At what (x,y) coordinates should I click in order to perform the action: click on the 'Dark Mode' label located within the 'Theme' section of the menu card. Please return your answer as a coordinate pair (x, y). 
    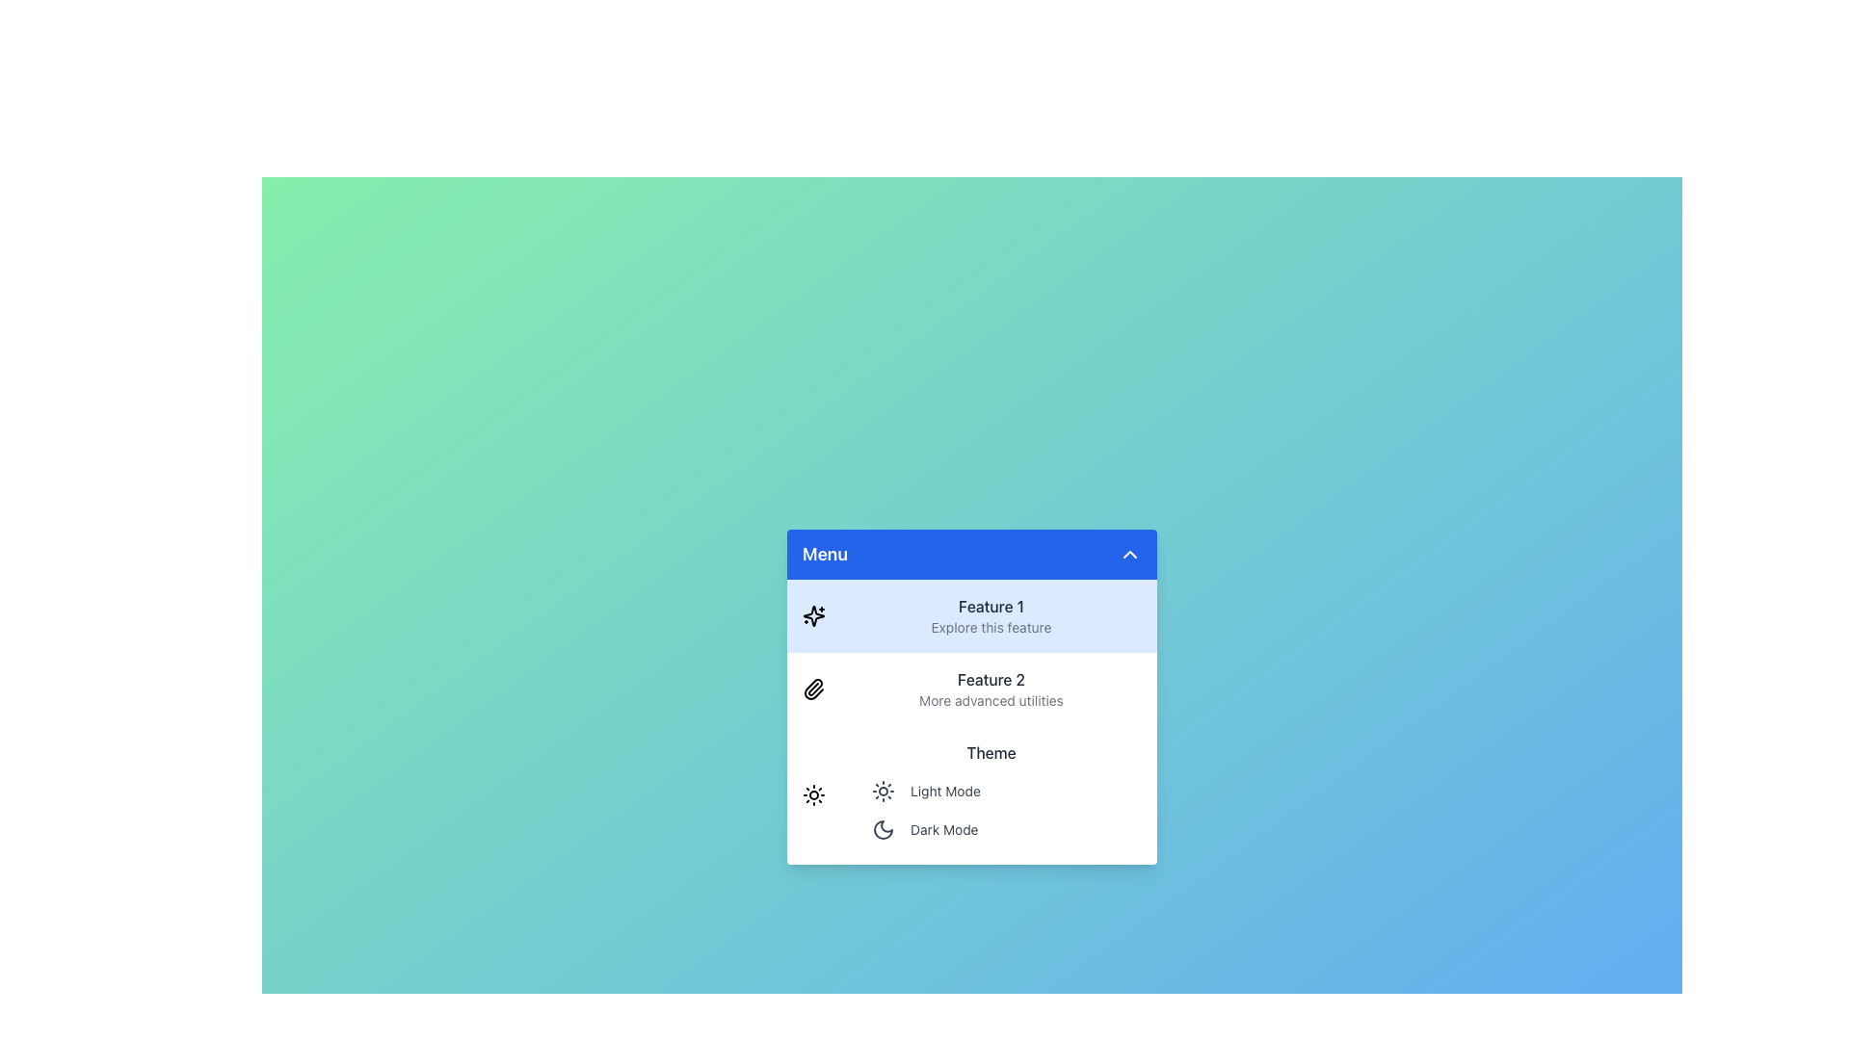
    Looking at the image, I should click on (943, 828).